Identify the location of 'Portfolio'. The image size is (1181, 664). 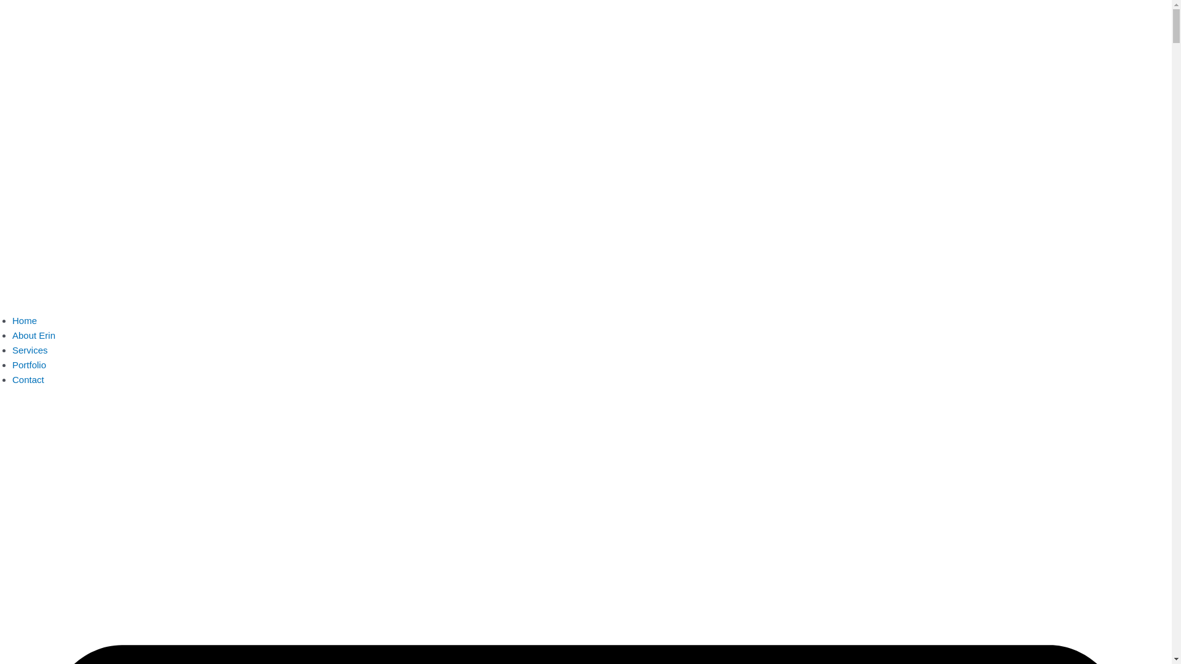
(29, 364).